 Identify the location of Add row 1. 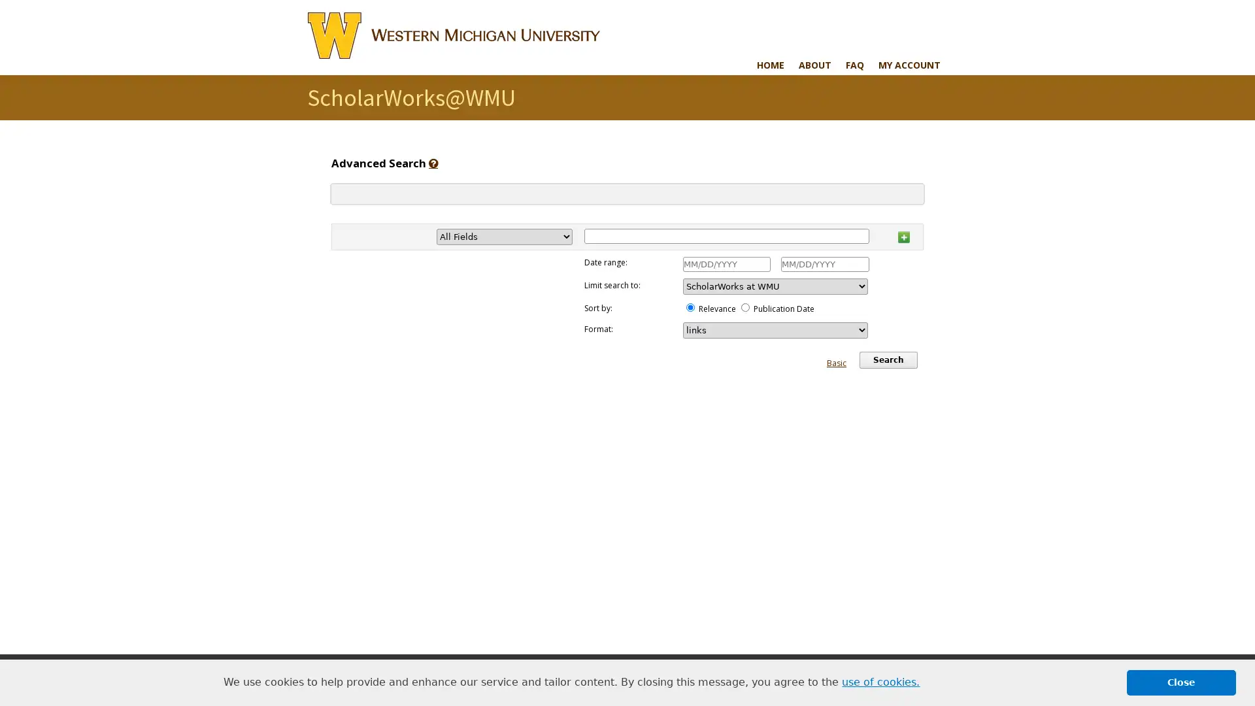
(903, 234).